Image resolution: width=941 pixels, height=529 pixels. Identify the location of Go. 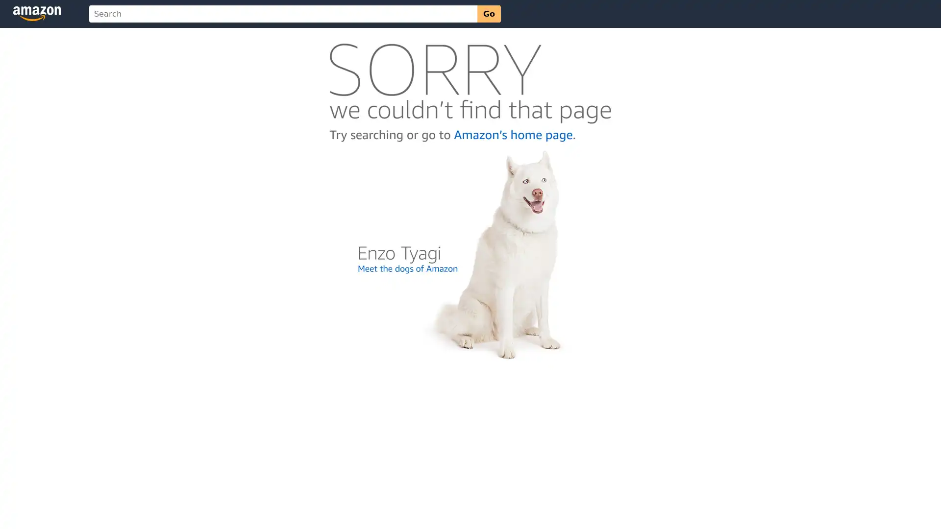
(489, 14).